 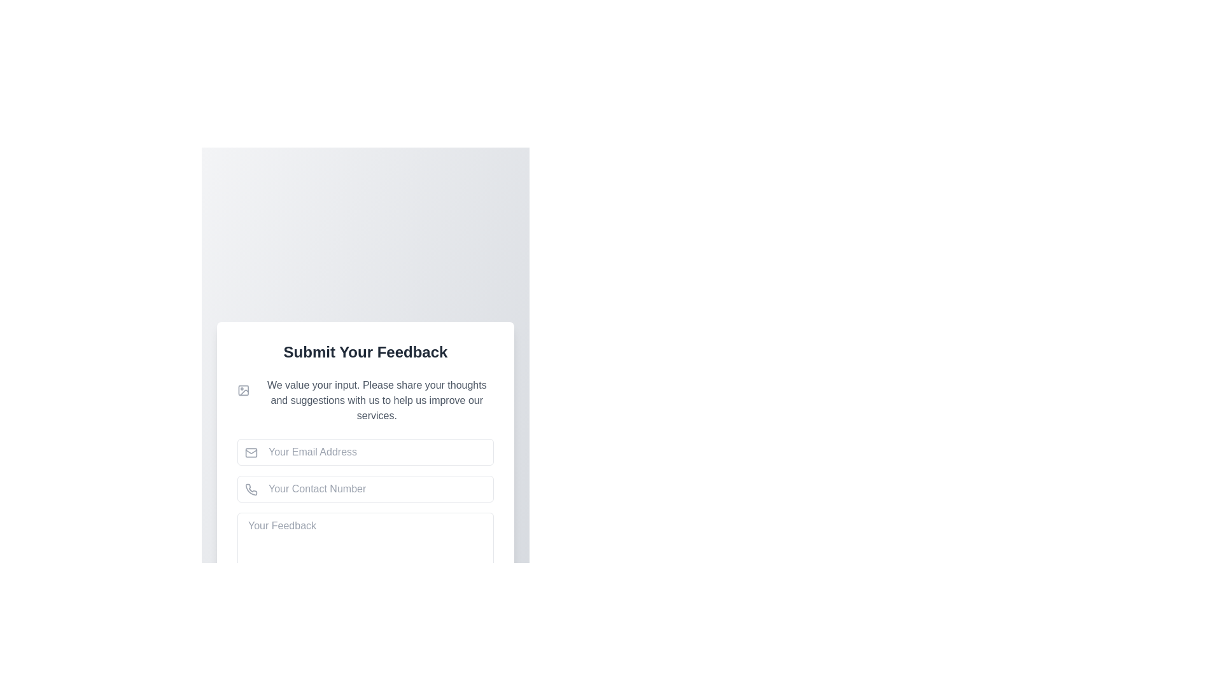 What do you see at coordinates (365, 352) in the screenshot?
I see `the bold, large-font 'Submit Your Feedback' heading text at the top of the feedback form card` at bounding box center [365, 352].